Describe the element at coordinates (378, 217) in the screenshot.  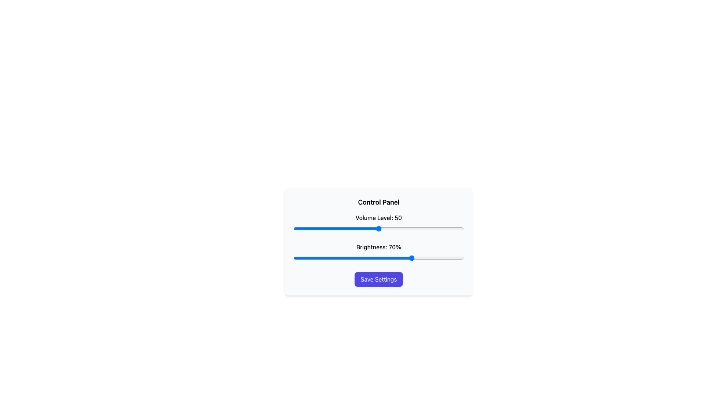
I see `text label displaying 'Volume Level: 50', which is styled in bold black font and positioned above a horizontal volume slider in the control panel interface` at that location.